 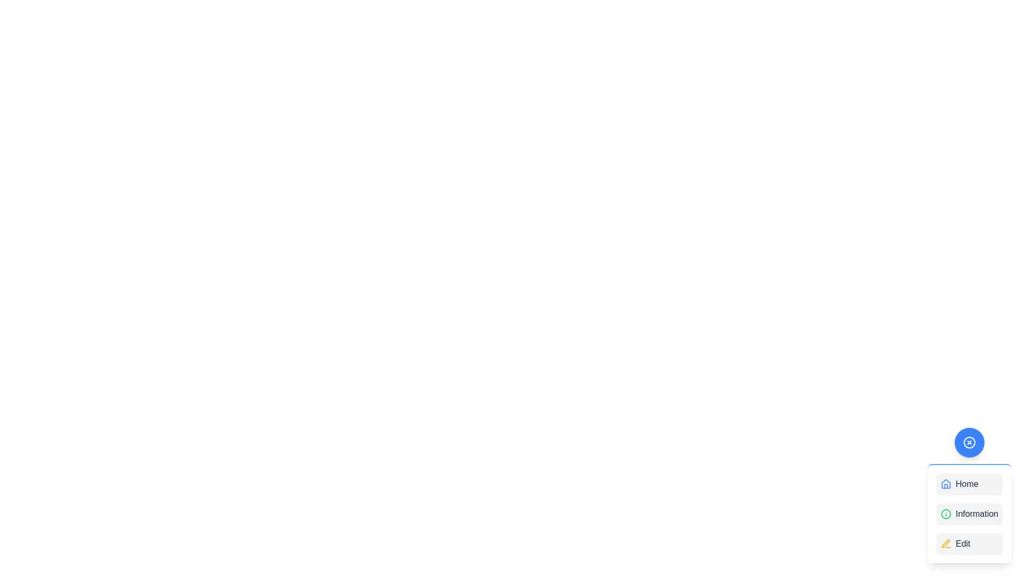 What do you see at coordinates (970, 543) in the screenshot?
I see `the edit button` at bounding box center [970, 543].